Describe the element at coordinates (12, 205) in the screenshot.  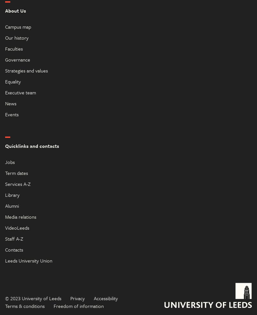
I see `'Alumni'` at that location.